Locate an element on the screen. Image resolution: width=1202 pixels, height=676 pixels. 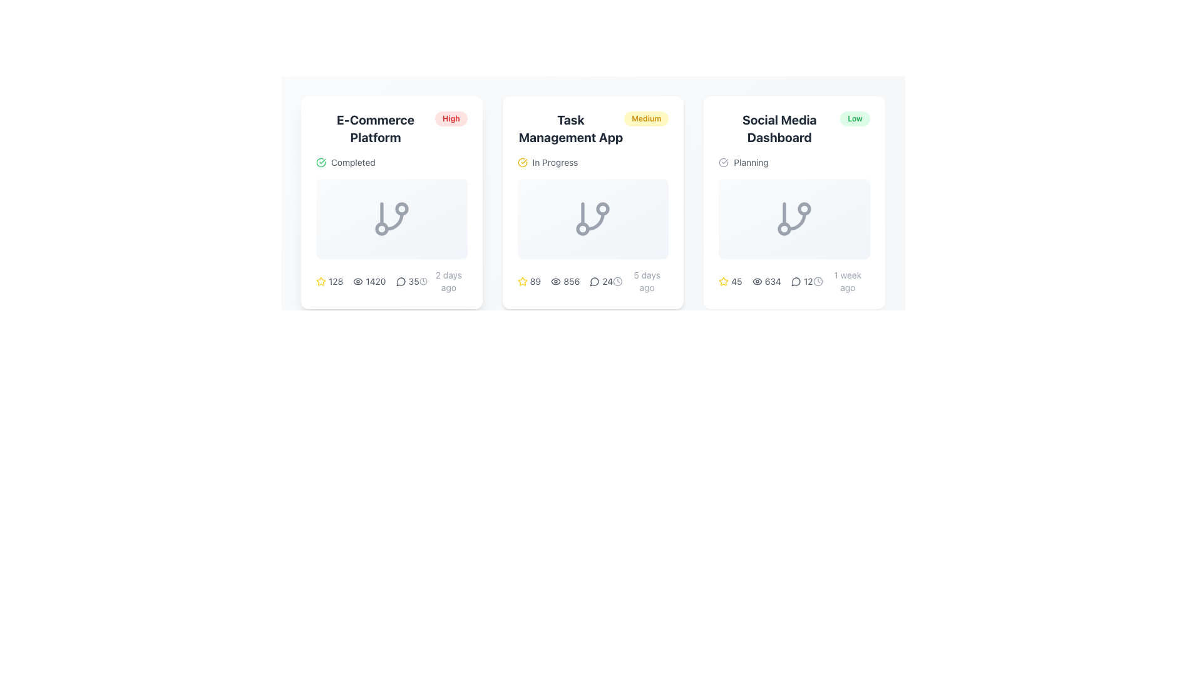
the icon representing a branching structure within the card component labeled 'Task Management App' is located at coordinates (592, 202).